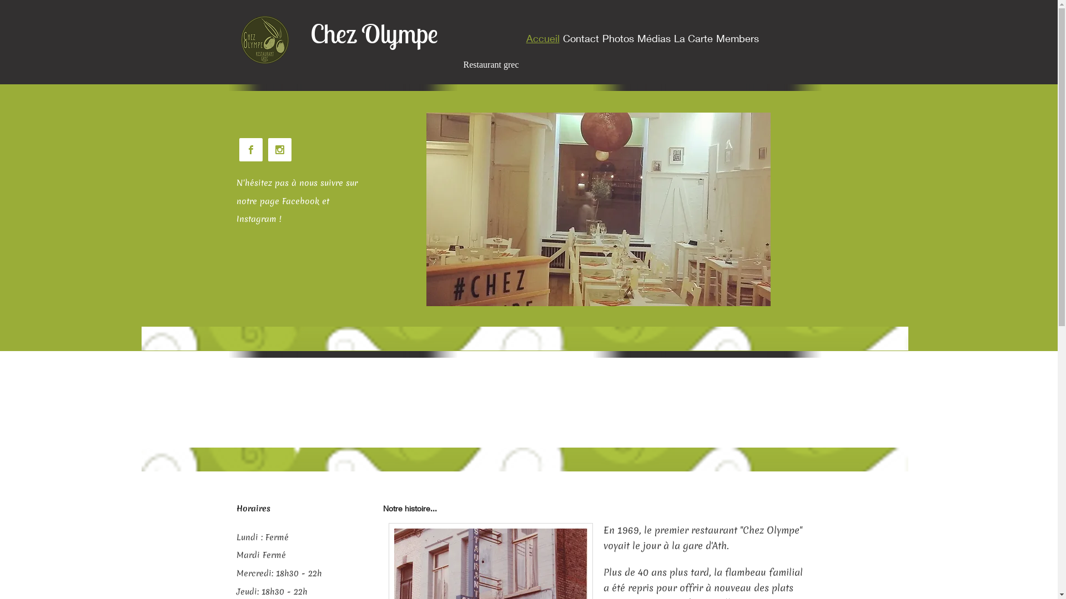 The width and height of the screenshot is (1066, 599). What do you see at coordinates (580, 38) in the screenshot?
I see `'Contact'` at bounding box center [580, 38].